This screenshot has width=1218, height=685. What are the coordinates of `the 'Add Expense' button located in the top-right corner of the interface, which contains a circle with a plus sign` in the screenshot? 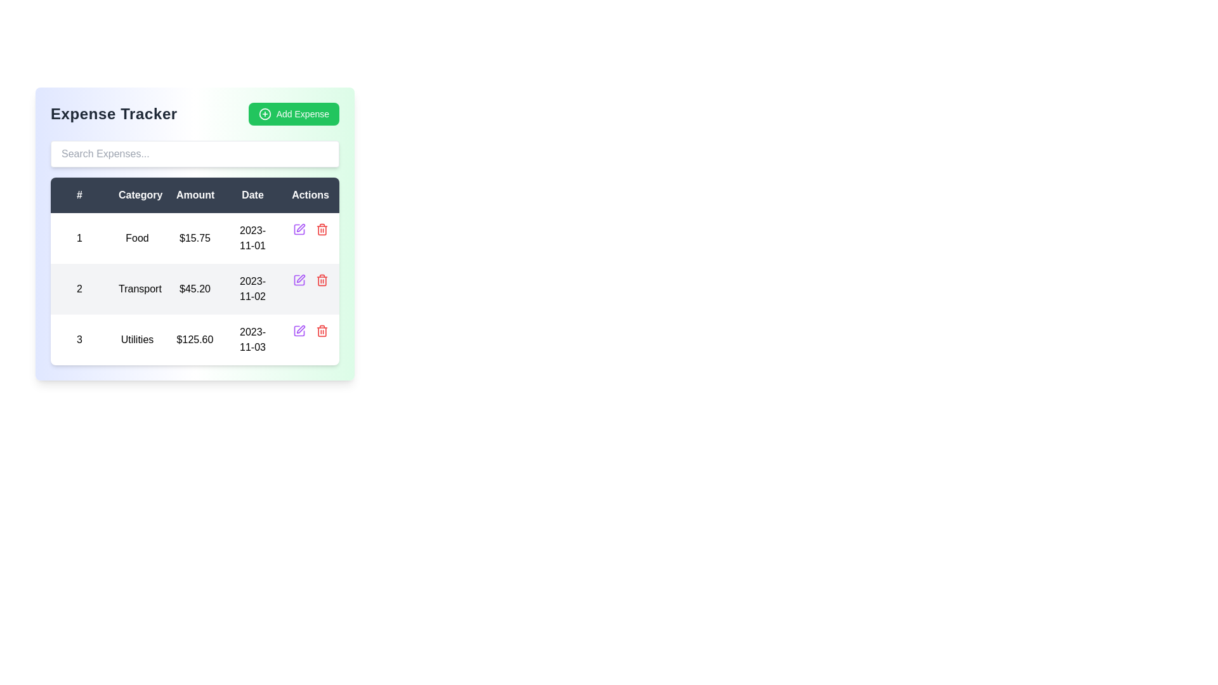 It's located at (264, 114).